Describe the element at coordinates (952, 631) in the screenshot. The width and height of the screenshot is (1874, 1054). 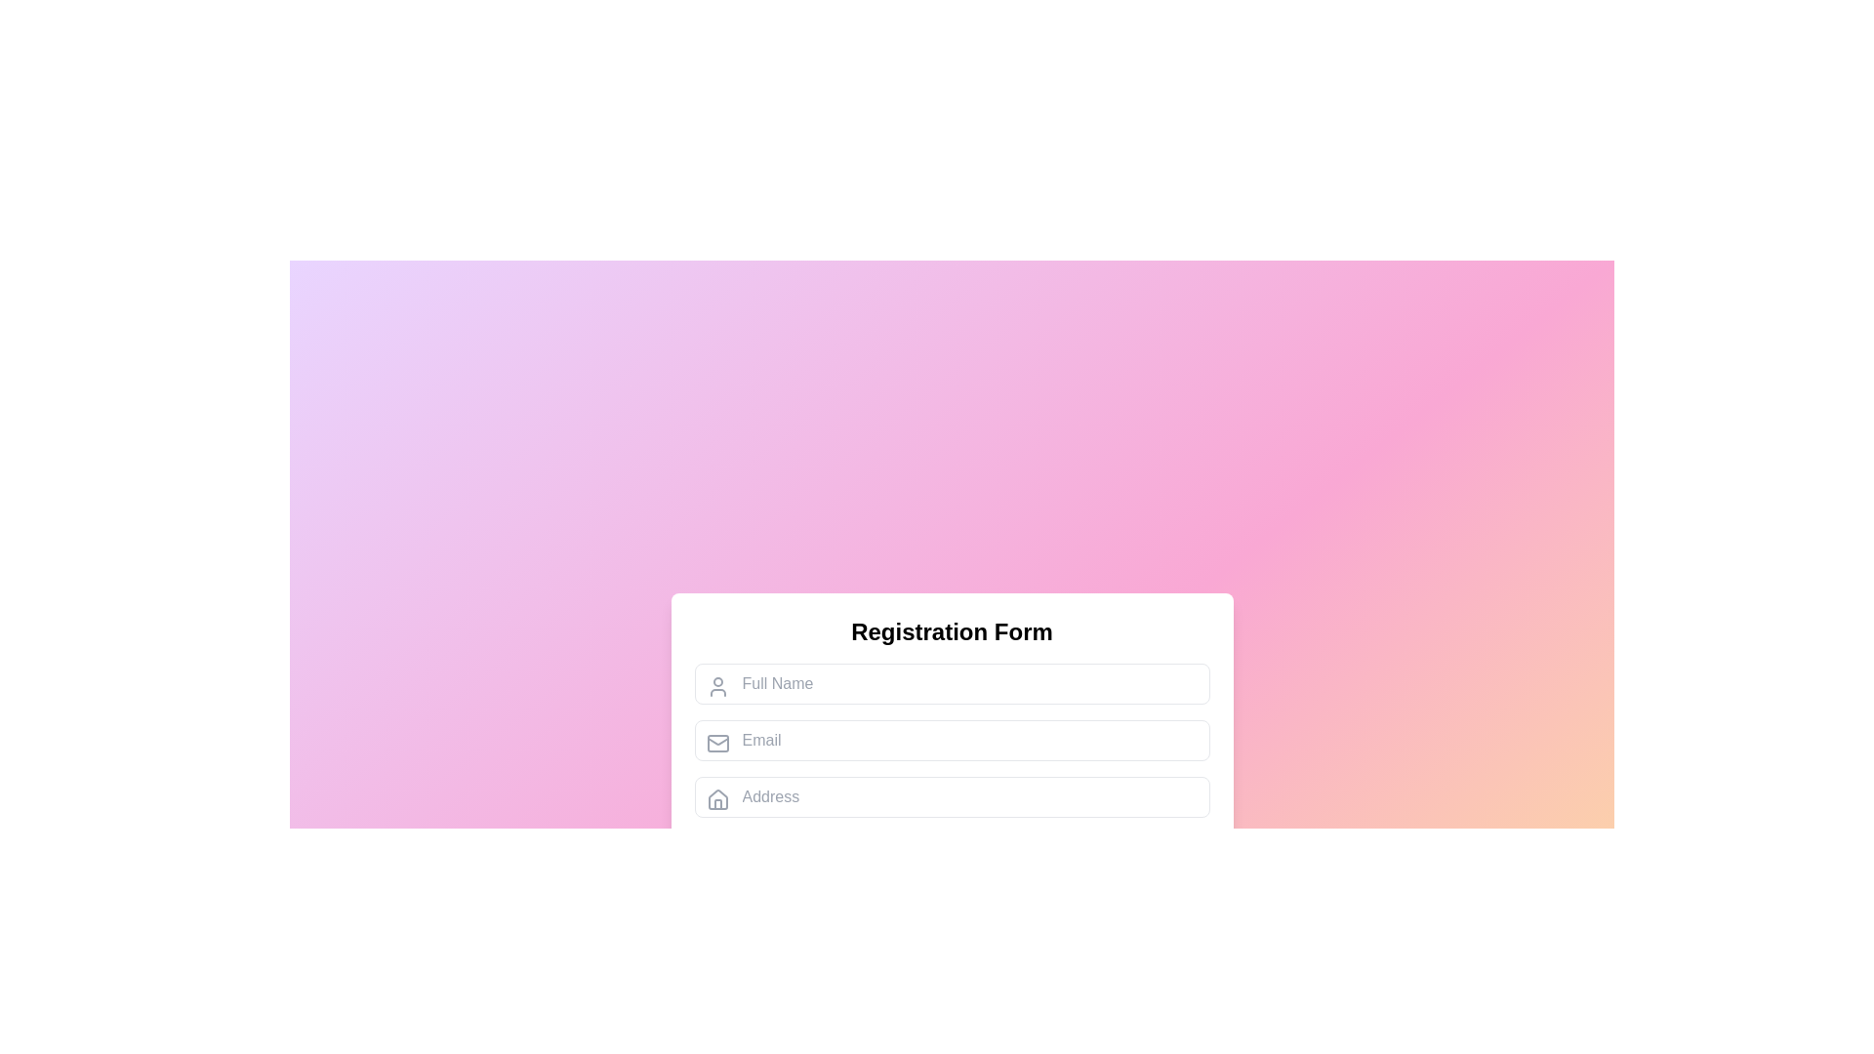
I see `the header text element located at the top-center of the form section, which provides context for the user about the purpose of the form` at that location.